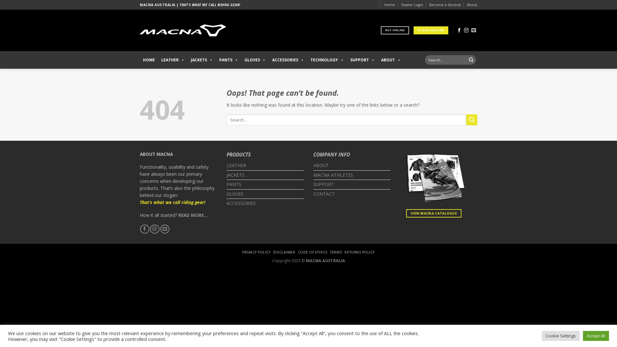  What do you see at coordinates (227, 175) in the screenshot?
I see `'JACKETS'` at bounding box center [227, 175].